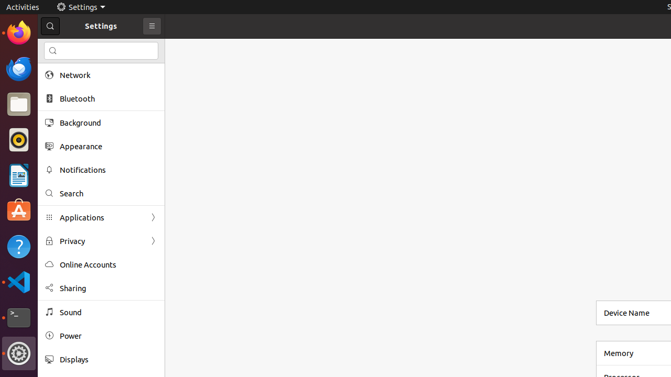  What do you see at coordinates (108, 122) in the screenshot?
I see `'Background'` at bounding box center [108, 122].